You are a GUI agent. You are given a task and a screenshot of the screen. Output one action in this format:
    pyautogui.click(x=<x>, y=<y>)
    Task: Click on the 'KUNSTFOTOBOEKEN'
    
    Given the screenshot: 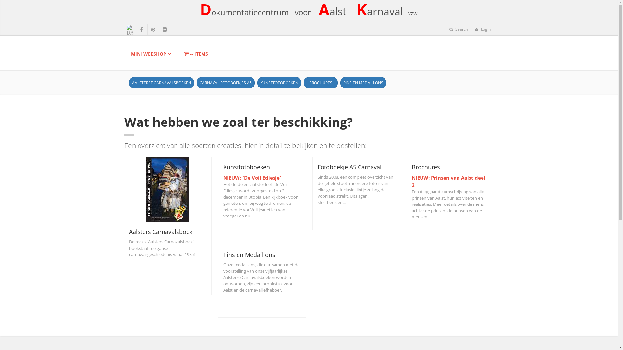 What is the action you would take?
    pyautogui.click(x=279, y=82)
    